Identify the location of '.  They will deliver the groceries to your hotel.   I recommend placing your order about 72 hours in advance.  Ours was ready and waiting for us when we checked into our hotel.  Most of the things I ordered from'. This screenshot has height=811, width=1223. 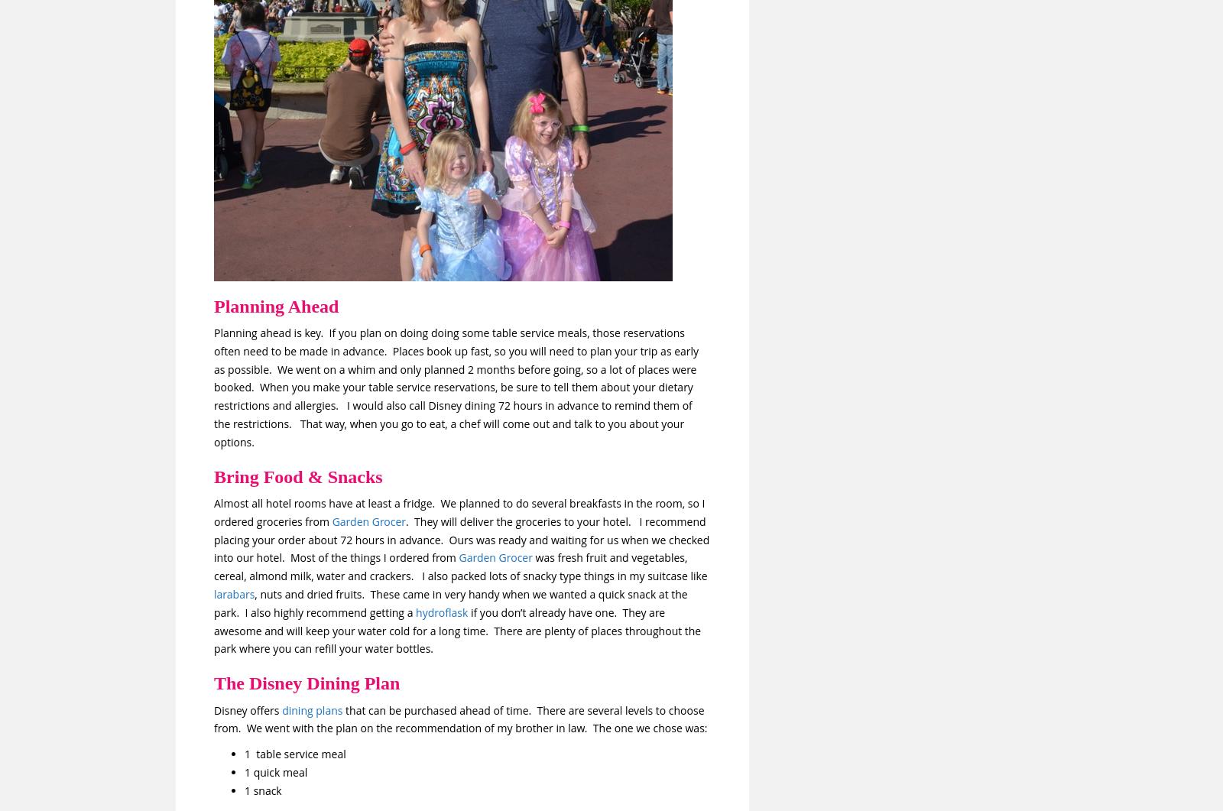
(462, 538).